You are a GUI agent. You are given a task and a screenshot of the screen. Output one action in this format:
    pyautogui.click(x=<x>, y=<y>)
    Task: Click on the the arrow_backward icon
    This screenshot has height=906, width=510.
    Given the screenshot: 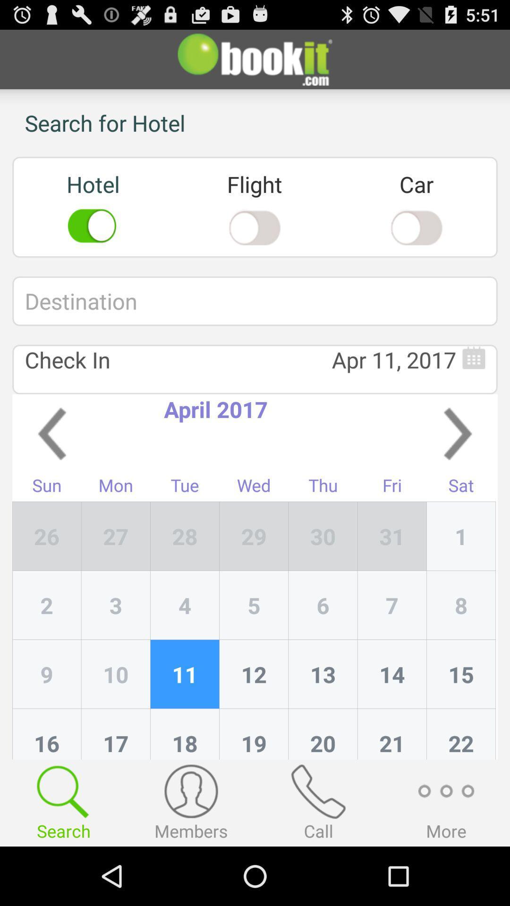 What is the action you would take?
    pyautogui.click(x=52, y=464)
    